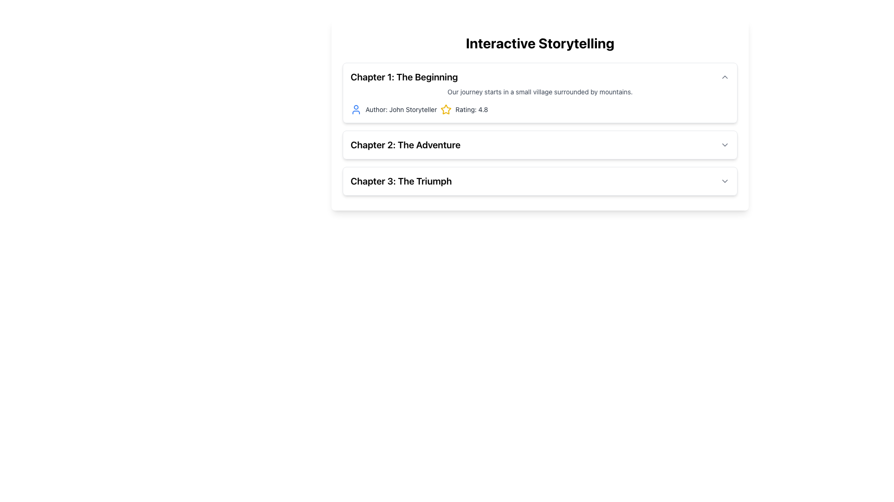  I want to click on the first chapter content display block within the 'Interactive Storytelling' section, so click(540, 129).